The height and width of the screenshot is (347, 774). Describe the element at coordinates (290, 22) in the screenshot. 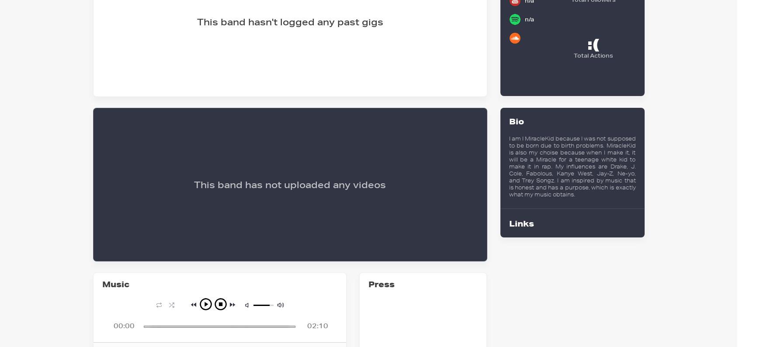

I see `'This band hasn't logged any past gigs'` at that location.